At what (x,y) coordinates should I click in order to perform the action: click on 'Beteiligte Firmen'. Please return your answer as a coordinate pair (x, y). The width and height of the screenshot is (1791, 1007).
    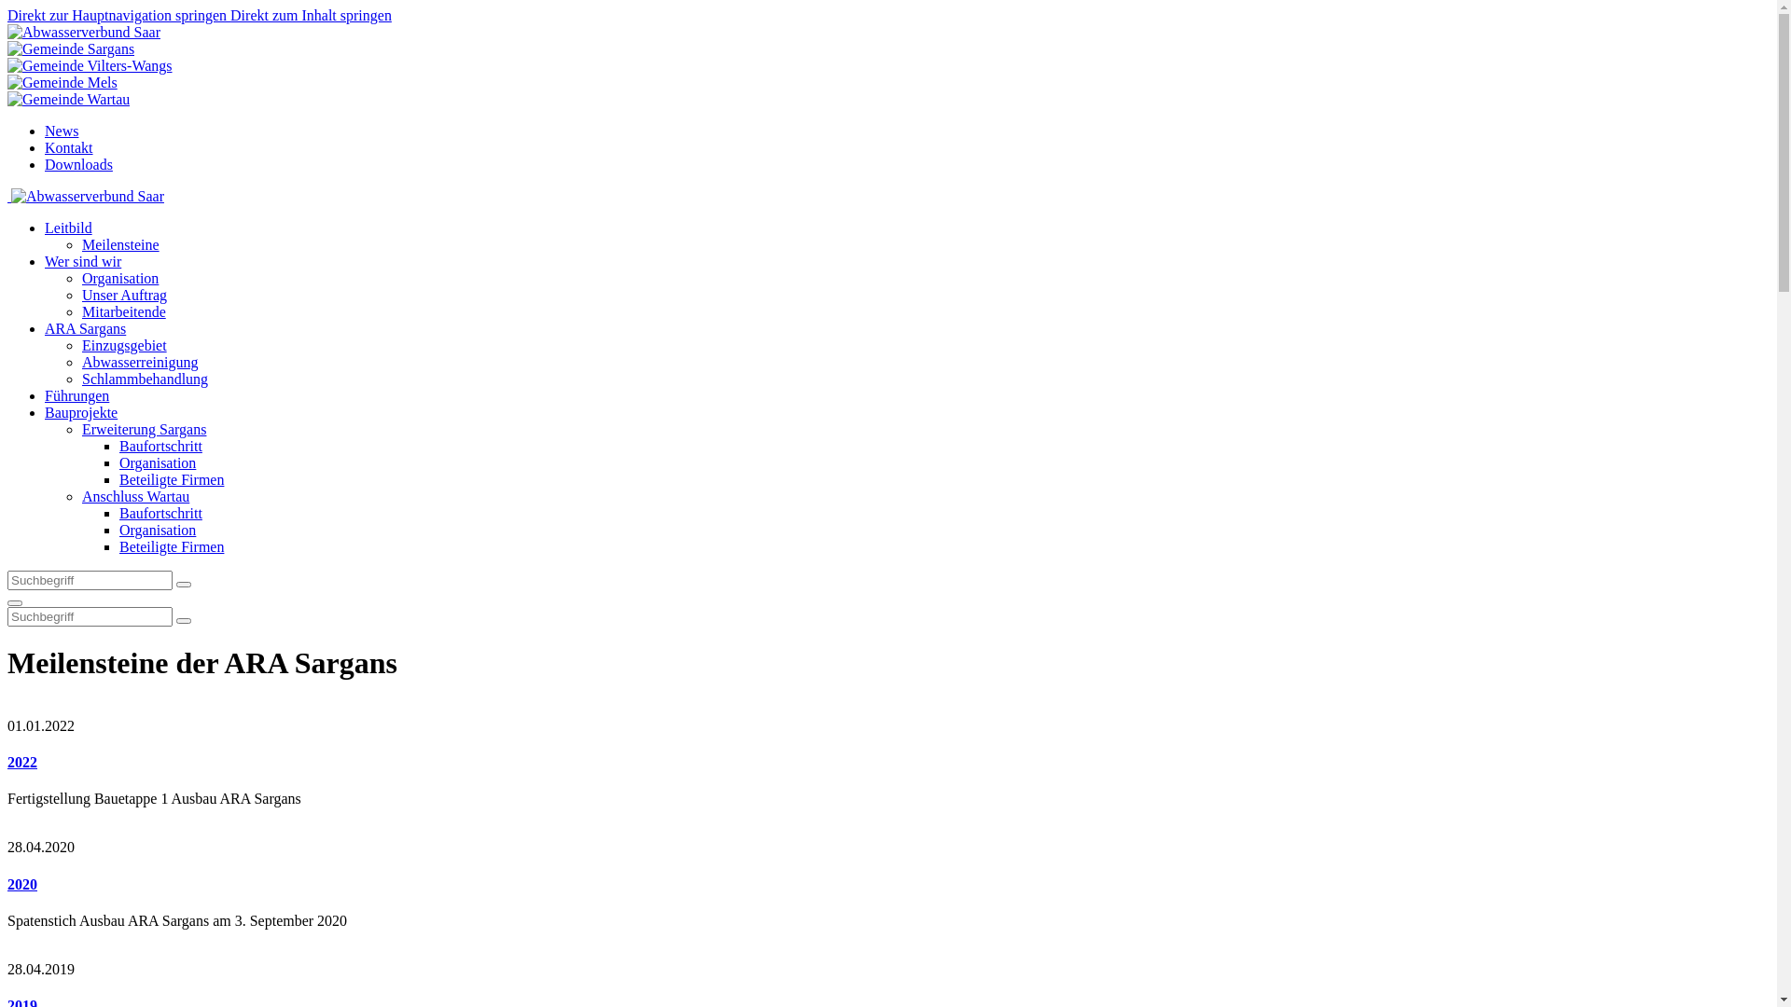
    Looking at the image, I should click on (171, 478).